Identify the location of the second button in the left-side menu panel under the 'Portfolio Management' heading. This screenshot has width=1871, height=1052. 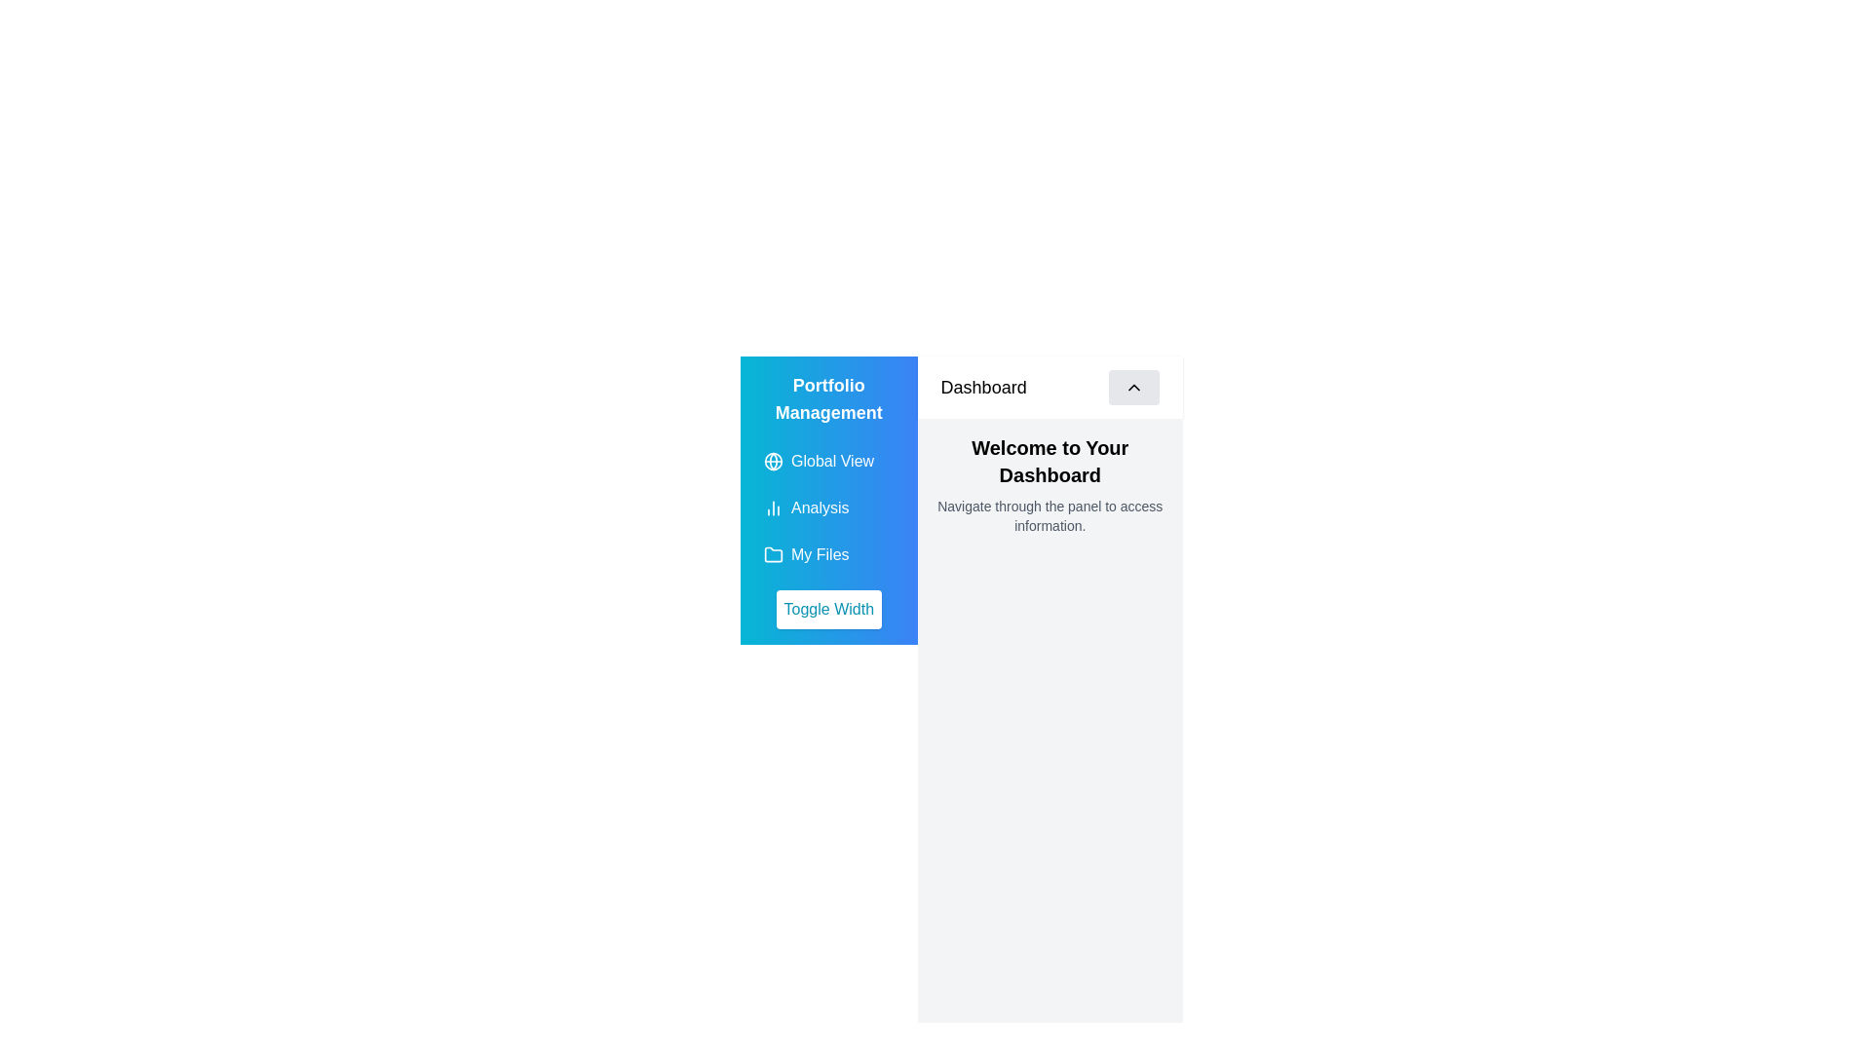
(828, 507).